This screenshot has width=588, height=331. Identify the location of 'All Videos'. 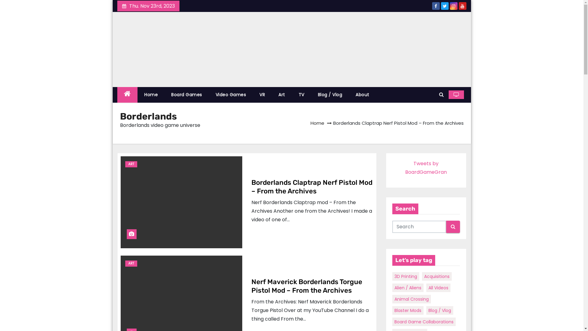
(438, 287).